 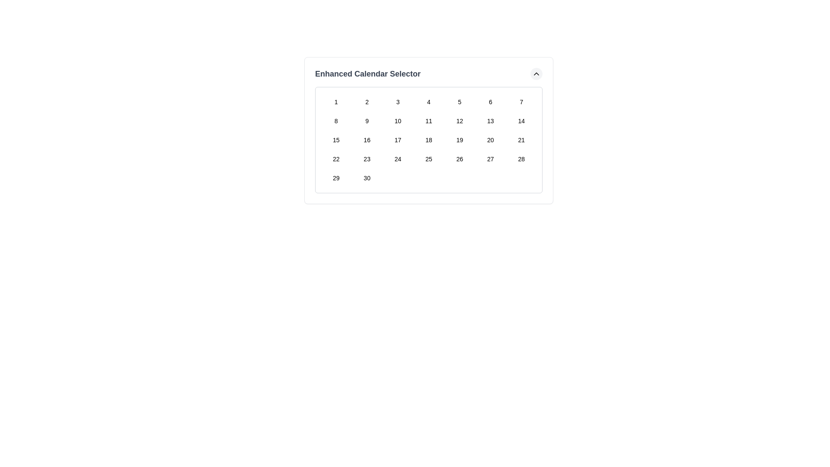 I want to click on the button labeled '7', so click(x=521, y=101).